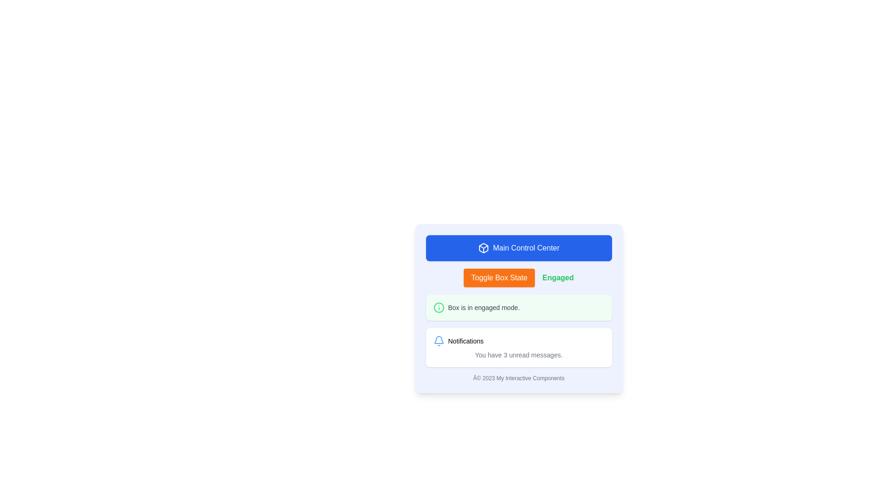 The height and width of the screenshot is (502, 893). I want to click on the text label displaying '© 2023 My Interactive Components' located at the bottom center of the card component, below the 'Notifications' section, so click(518, 378).